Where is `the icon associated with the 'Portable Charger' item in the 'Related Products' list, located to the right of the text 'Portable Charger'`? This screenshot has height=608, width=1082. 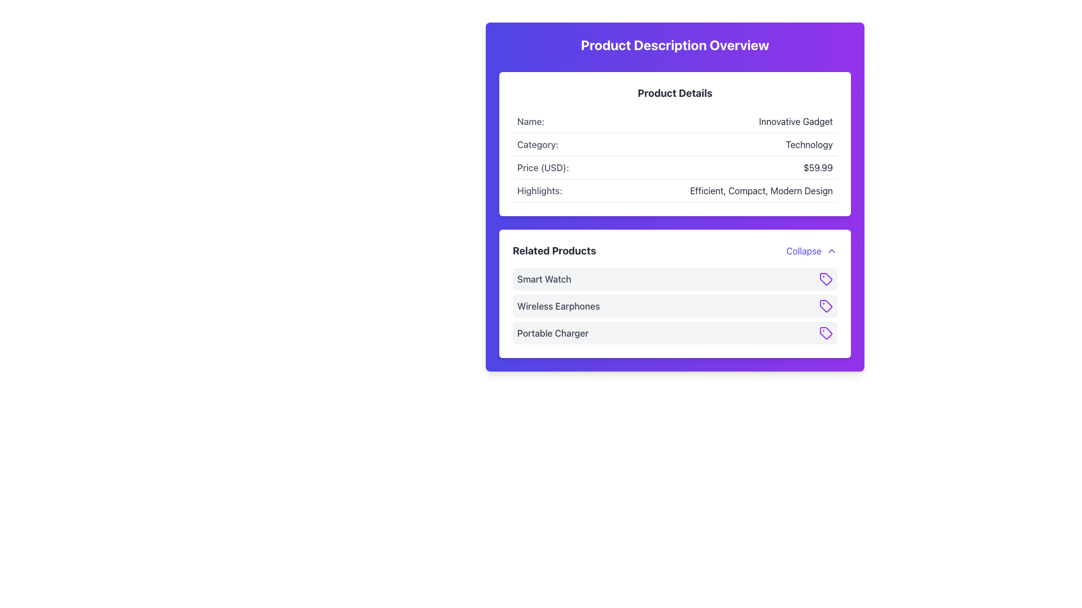 the icon associated with the 'Portable Charger' item in the 'Related Products' list, located to the right of the text 'Portable Charger' is located at coordinates (826, 279).